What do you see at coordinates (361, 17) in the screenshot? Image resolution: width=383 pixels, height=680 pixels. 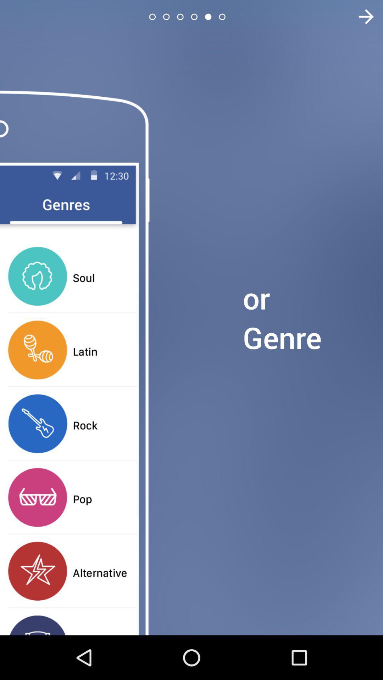 I see `the add icon` at bounding box center [361, 17].